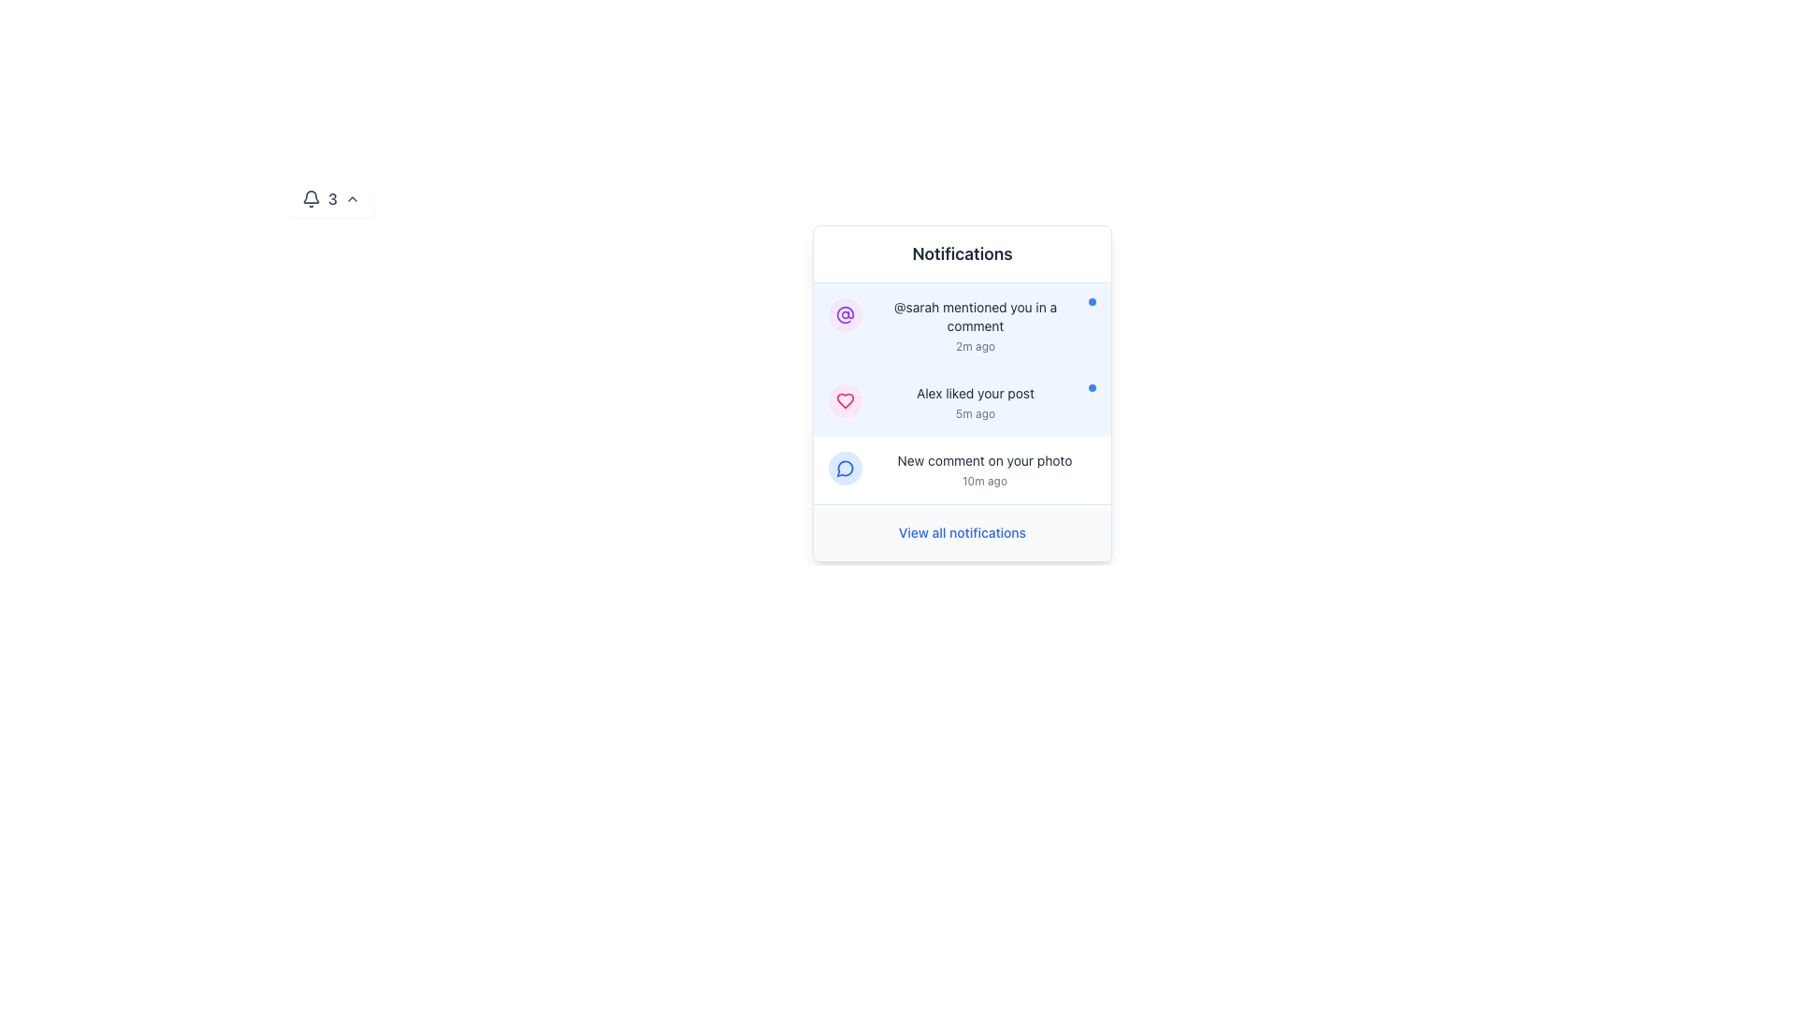 The image size is (1796, 1010). Describe the element at coordinates (331, 198) in the screenshot. I see `the toggle button located in the top-left area of the interface` at that location.